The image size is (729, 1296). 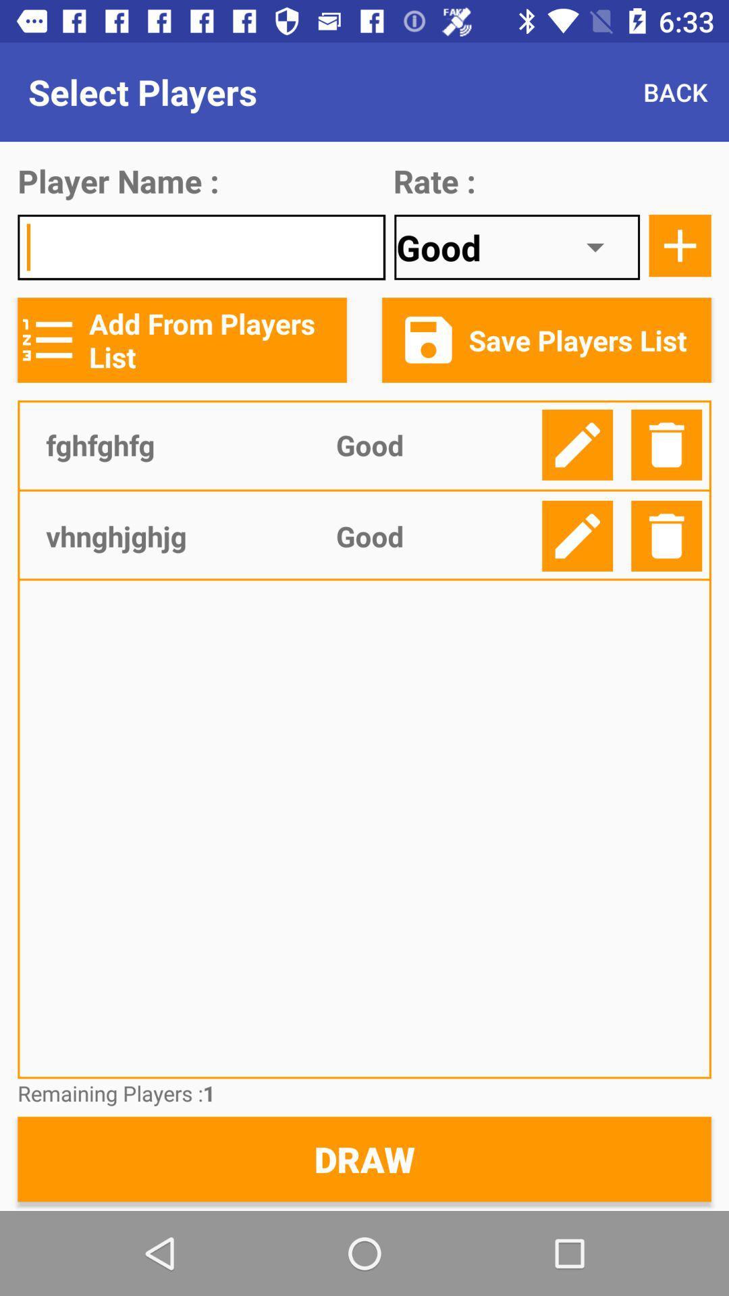 What do you see at coordinates (680, 246) in the screenshot?
I see `click add option` at bounding box center [680, 246].